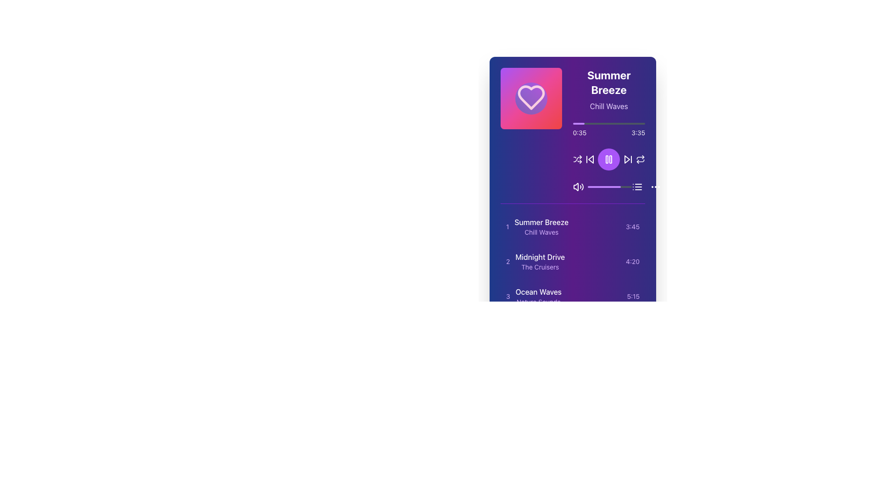  Describe the element at coordinates (646, 187) in the screenshot. I see `the Menu or List Icon, which appears as a vertical stack of three horizontal lines followed by three evenly spaced circular dots` at that location.